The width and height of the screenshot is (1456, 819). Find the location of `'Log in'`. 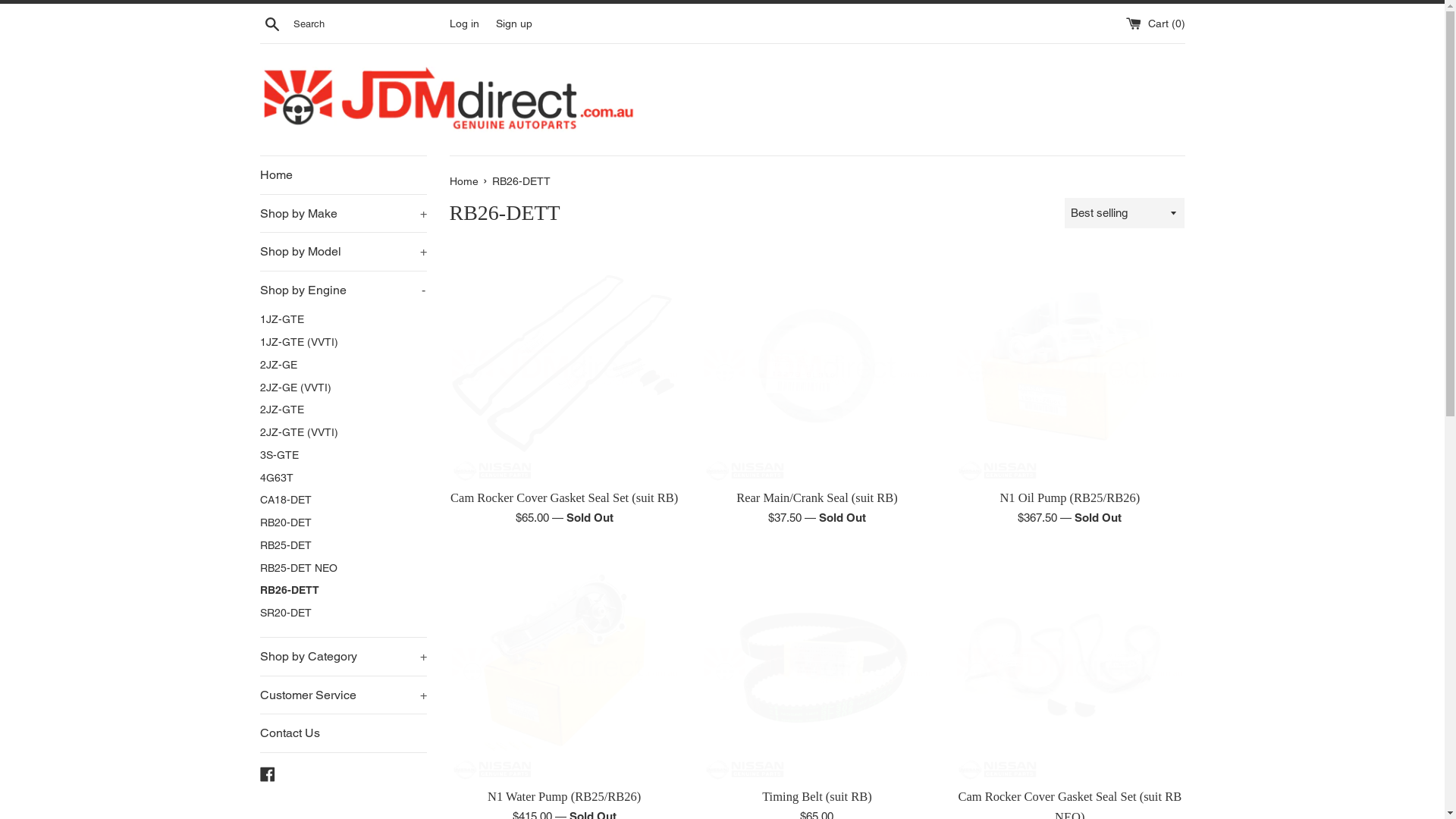

'Log in' is located at coordinates (463, 23).